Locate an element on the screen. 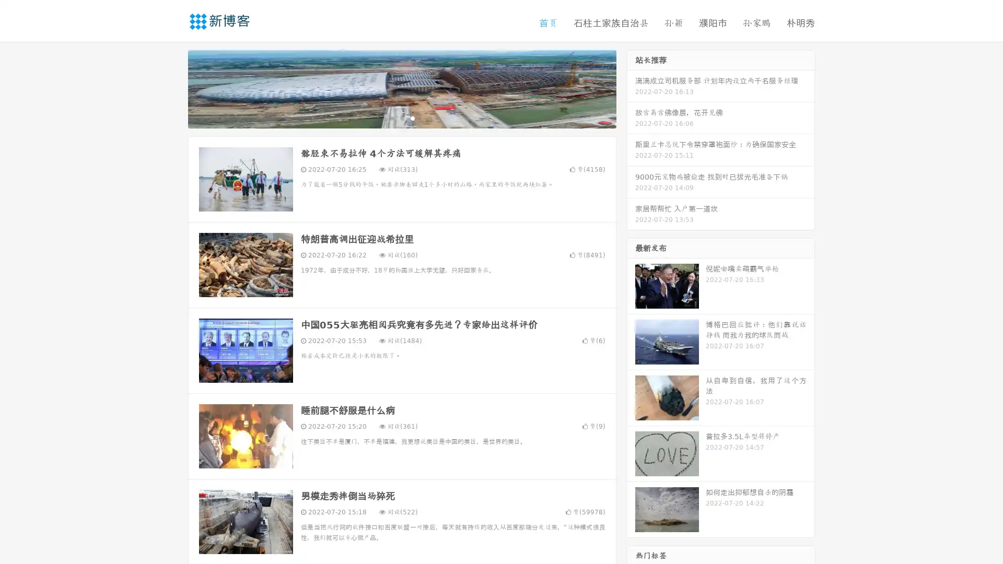  Previous slide is located at coordinates (172, 88).